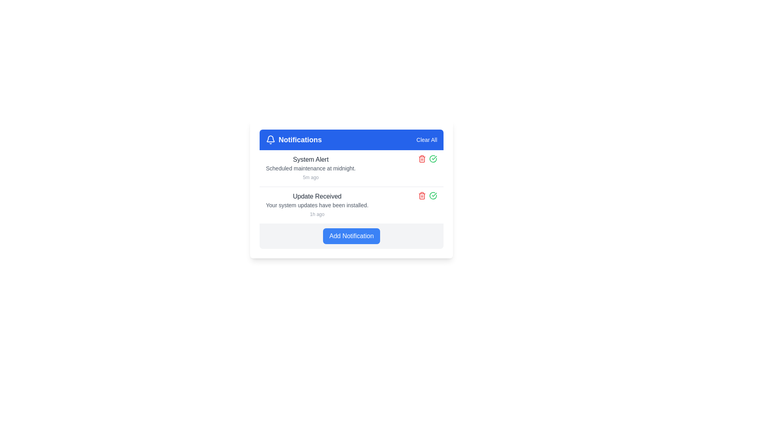 This screenshot has width=761, height=428. I want to click on 'System Alert' notification message located just below the header of the notification panel, which is the first notification listed, so click(310, 168).